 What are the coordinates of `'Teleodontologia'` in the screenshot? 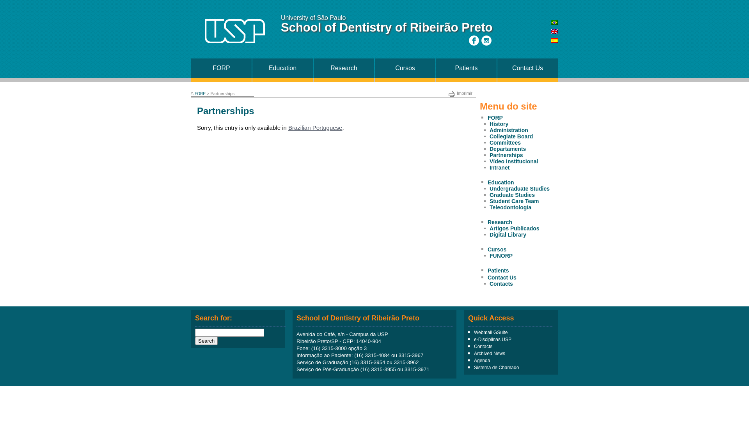 It's located at (489, 207).